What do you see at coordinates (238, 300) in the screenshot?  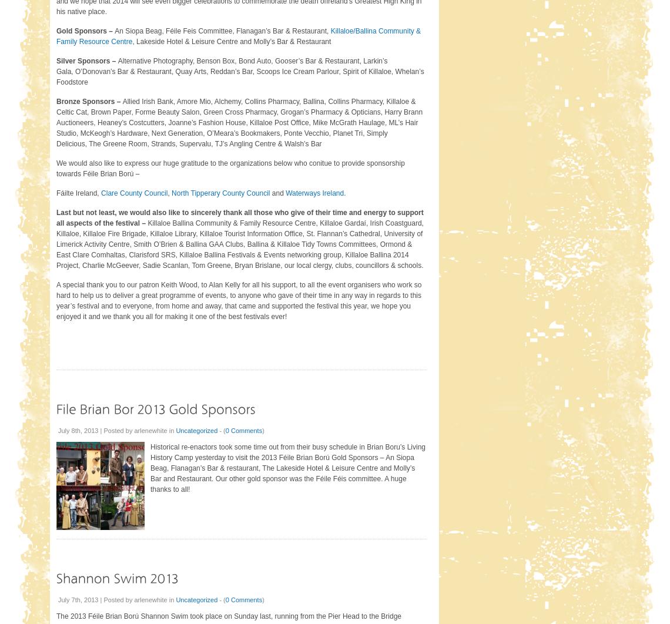 I see `'A special thank you to our patron Keith Wood, to Alan Kelly for all his support, to all the event organisers who work so hard to help us to deliver a great programme of events, to anyone who gave of their time in any way in regards to this year’s festival and to everyone, from home and away, that came and supported the festival this year, we hope you enjoyed it and we thank you all for making it one of the best festivals ever!'` at bounding box center [238, 300].